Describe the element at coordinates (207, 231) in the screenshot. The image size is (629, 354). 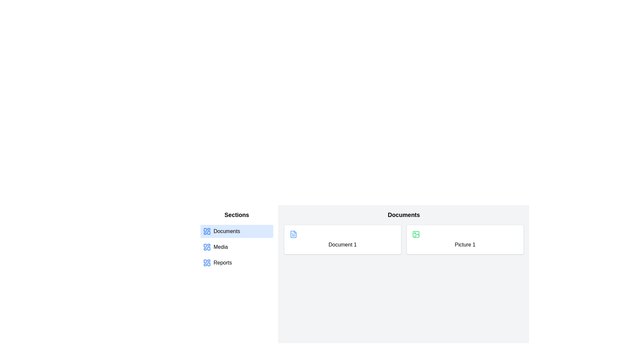
I see `the blue grid-like icon with rounded corners located in the 'Documents' navigation item` at that location.